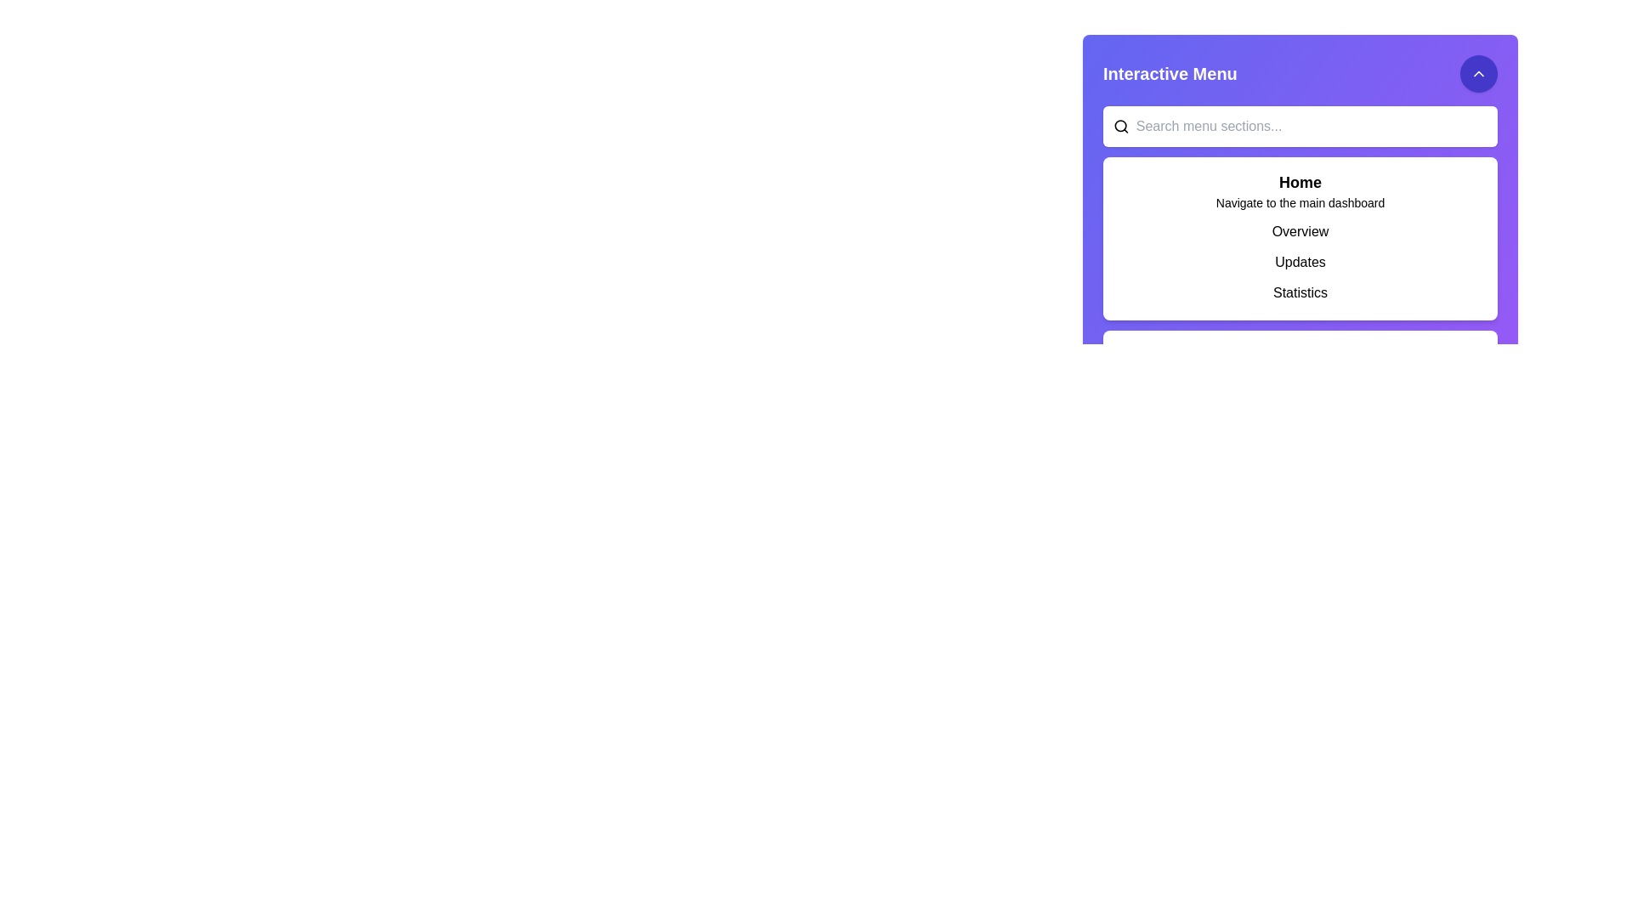 The height and width of the screenshot is (918, 1632). What do you see at coordinates (1300, 262) in the screenshot?
I see `the 'Updates' text label in the vertical menu` at bounding box center [1300, 262].